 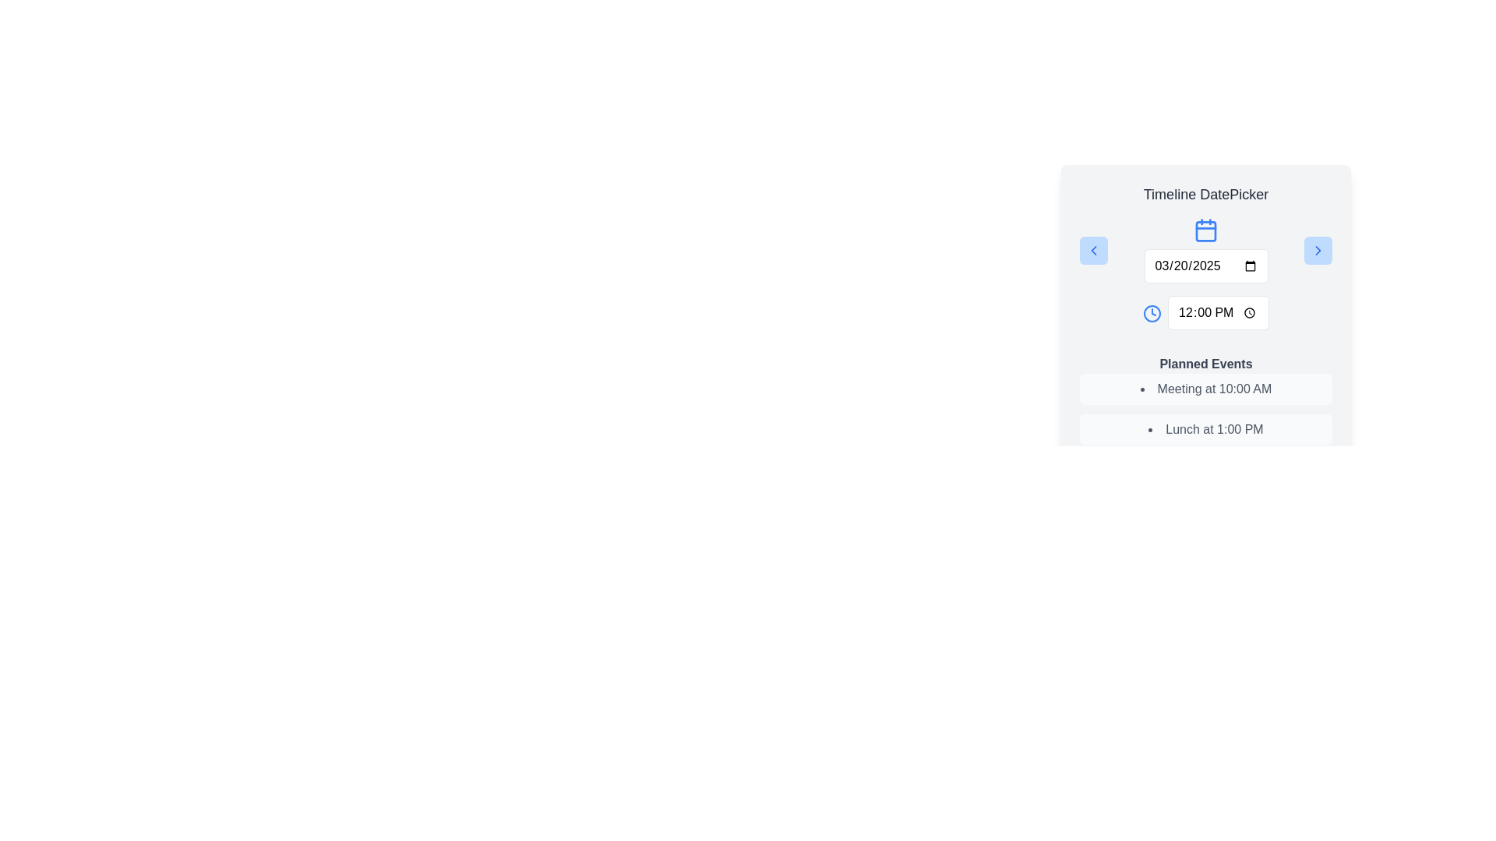 I want to click on the blue calendar icon at the top center of the date and time management widget, so click(x=1205, y=230).